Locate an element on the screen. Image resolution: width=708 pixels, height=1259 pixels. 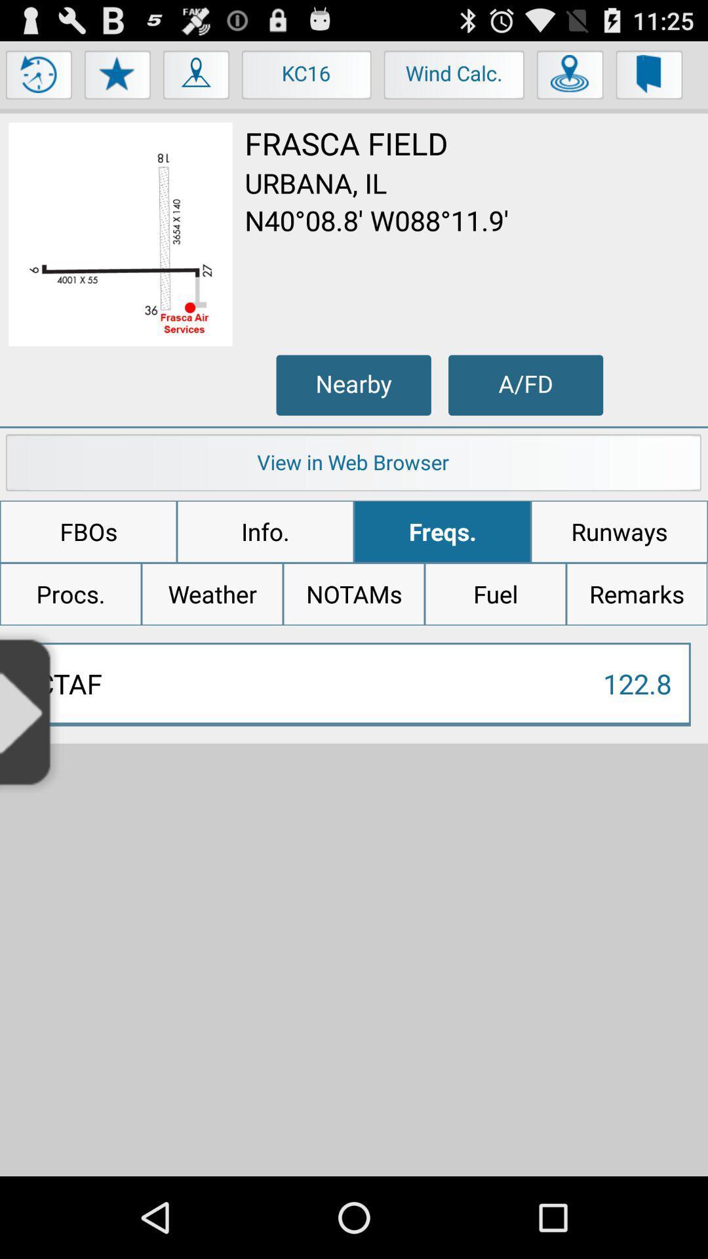
the button next to the kc16 icon is located at coordinates (197, 77).